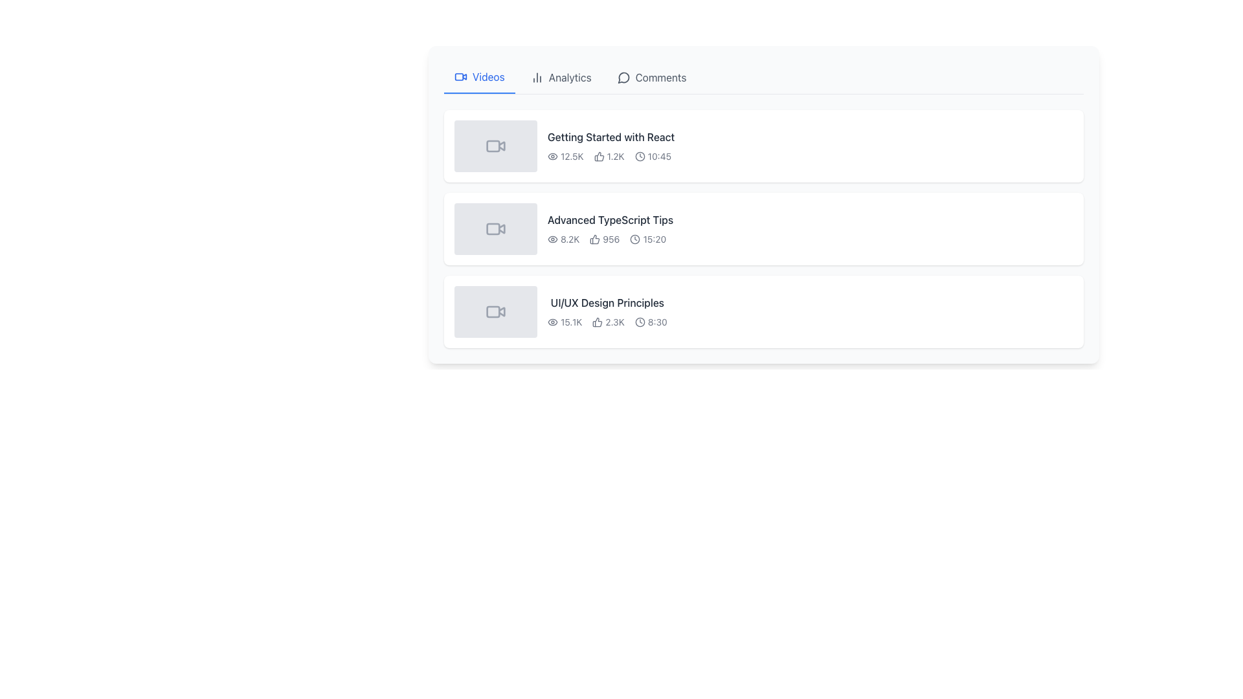 The image size is (1243, 699). I want to click on the circular SVG clock face icon located beside the timestamp of the first video entry in a list, so click(640, 156).